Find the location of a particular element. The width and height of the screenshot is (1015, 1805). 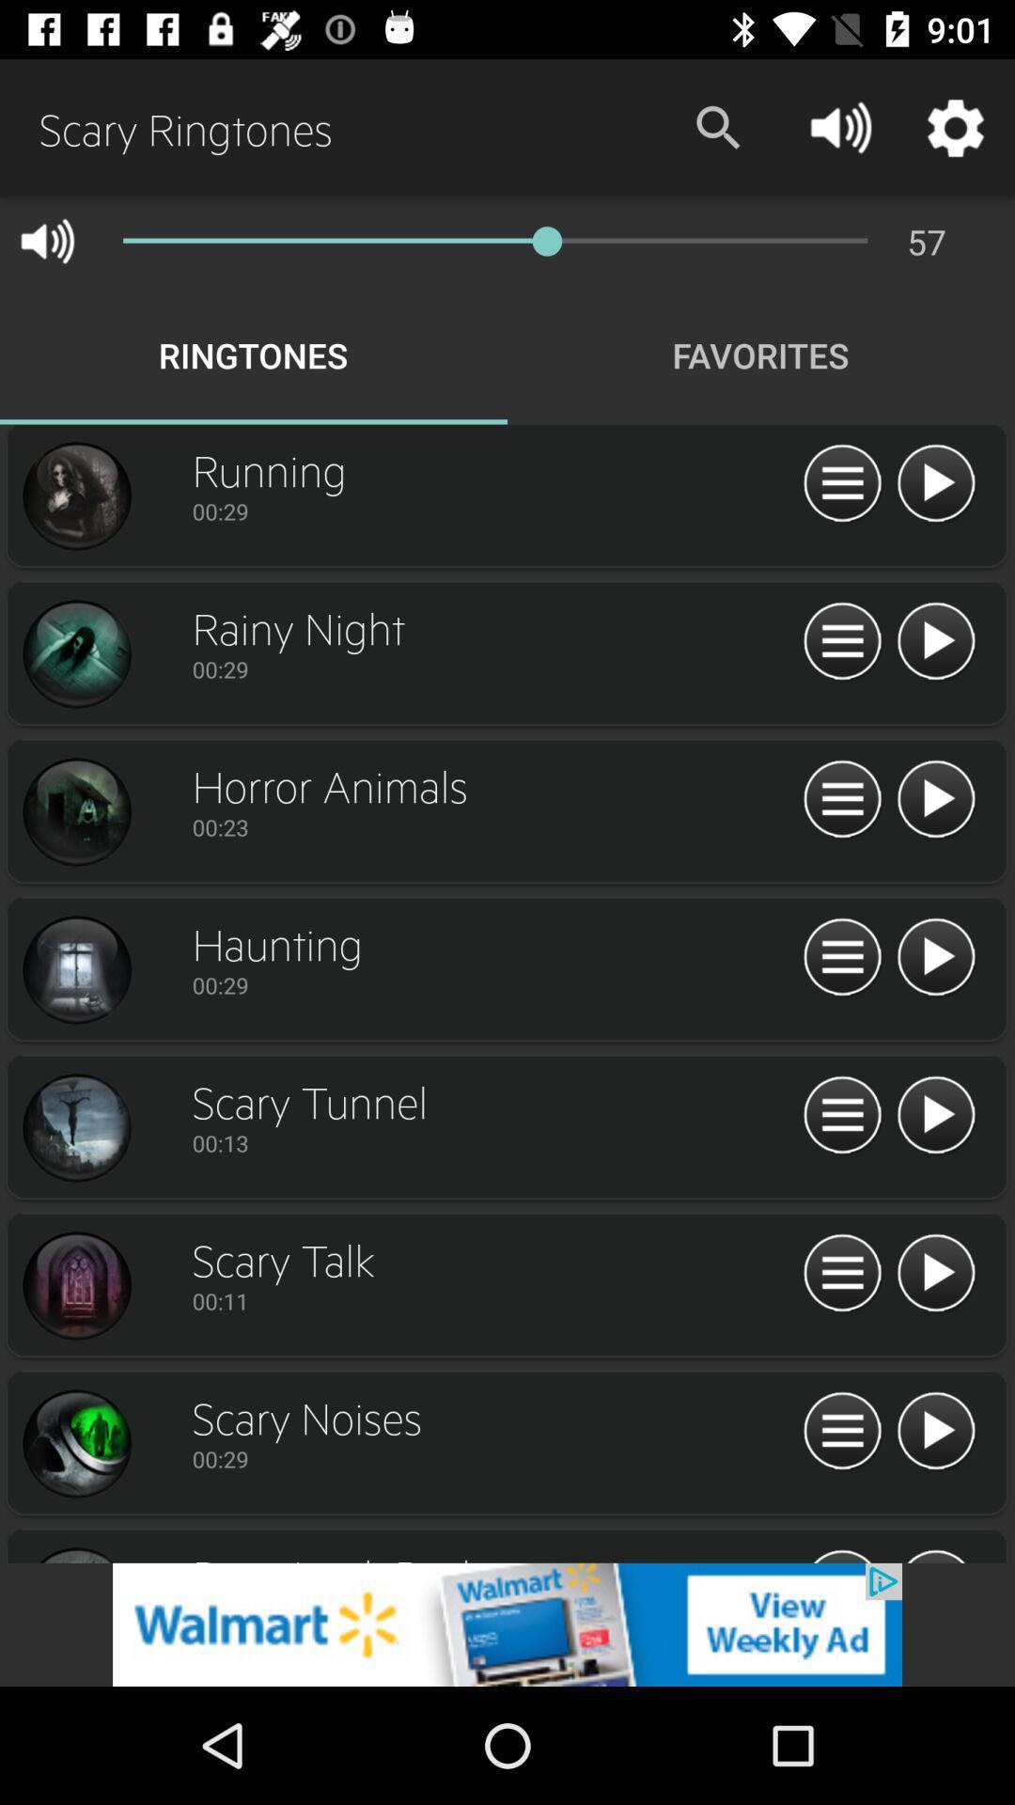

pay option is located at coordinates (935, 1274).